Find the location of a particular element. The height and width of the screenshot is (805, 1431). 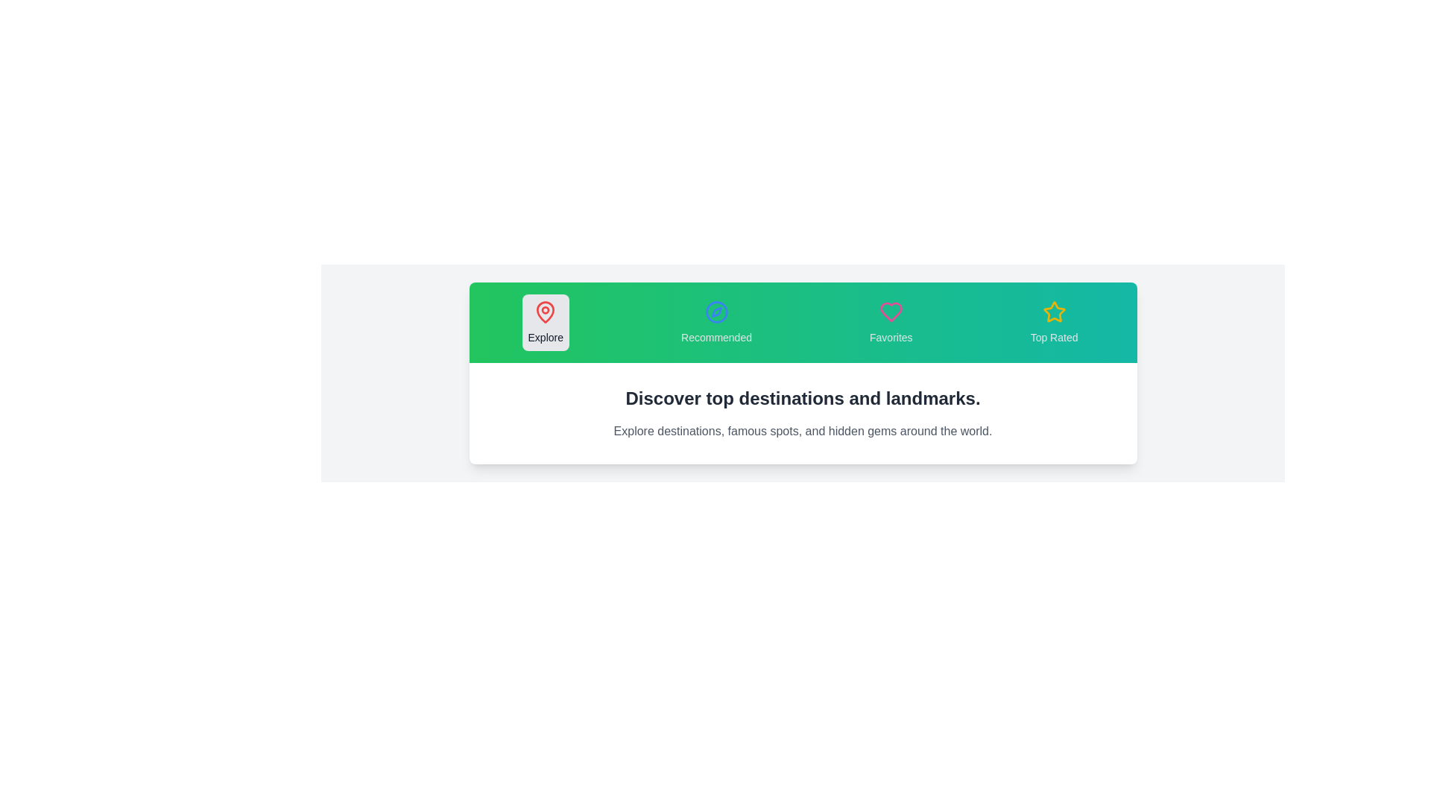

the tab labeled Recommended to observe its hover effect is located at coordinates (716, 321).